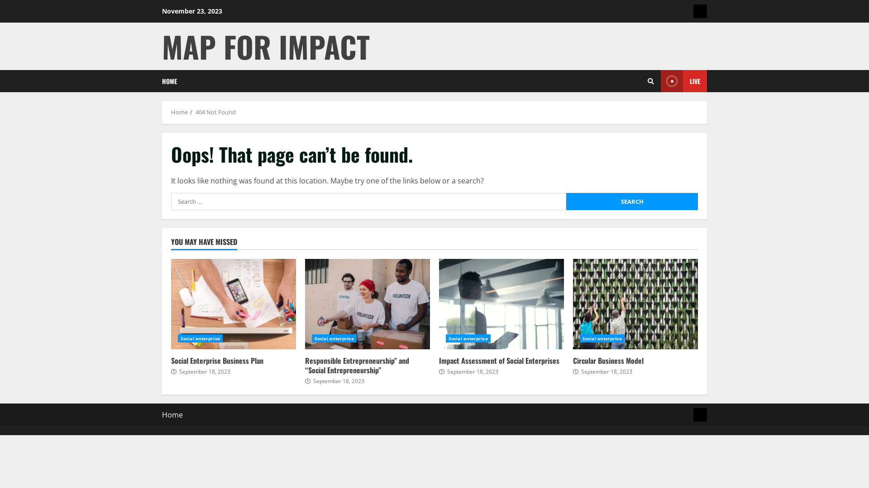 The image size is (869, 488). What do you see at coordinates (265, 46) in the screenshot?
I see `'MAP FOR IMPACT'` at bounding box center [265, 46].